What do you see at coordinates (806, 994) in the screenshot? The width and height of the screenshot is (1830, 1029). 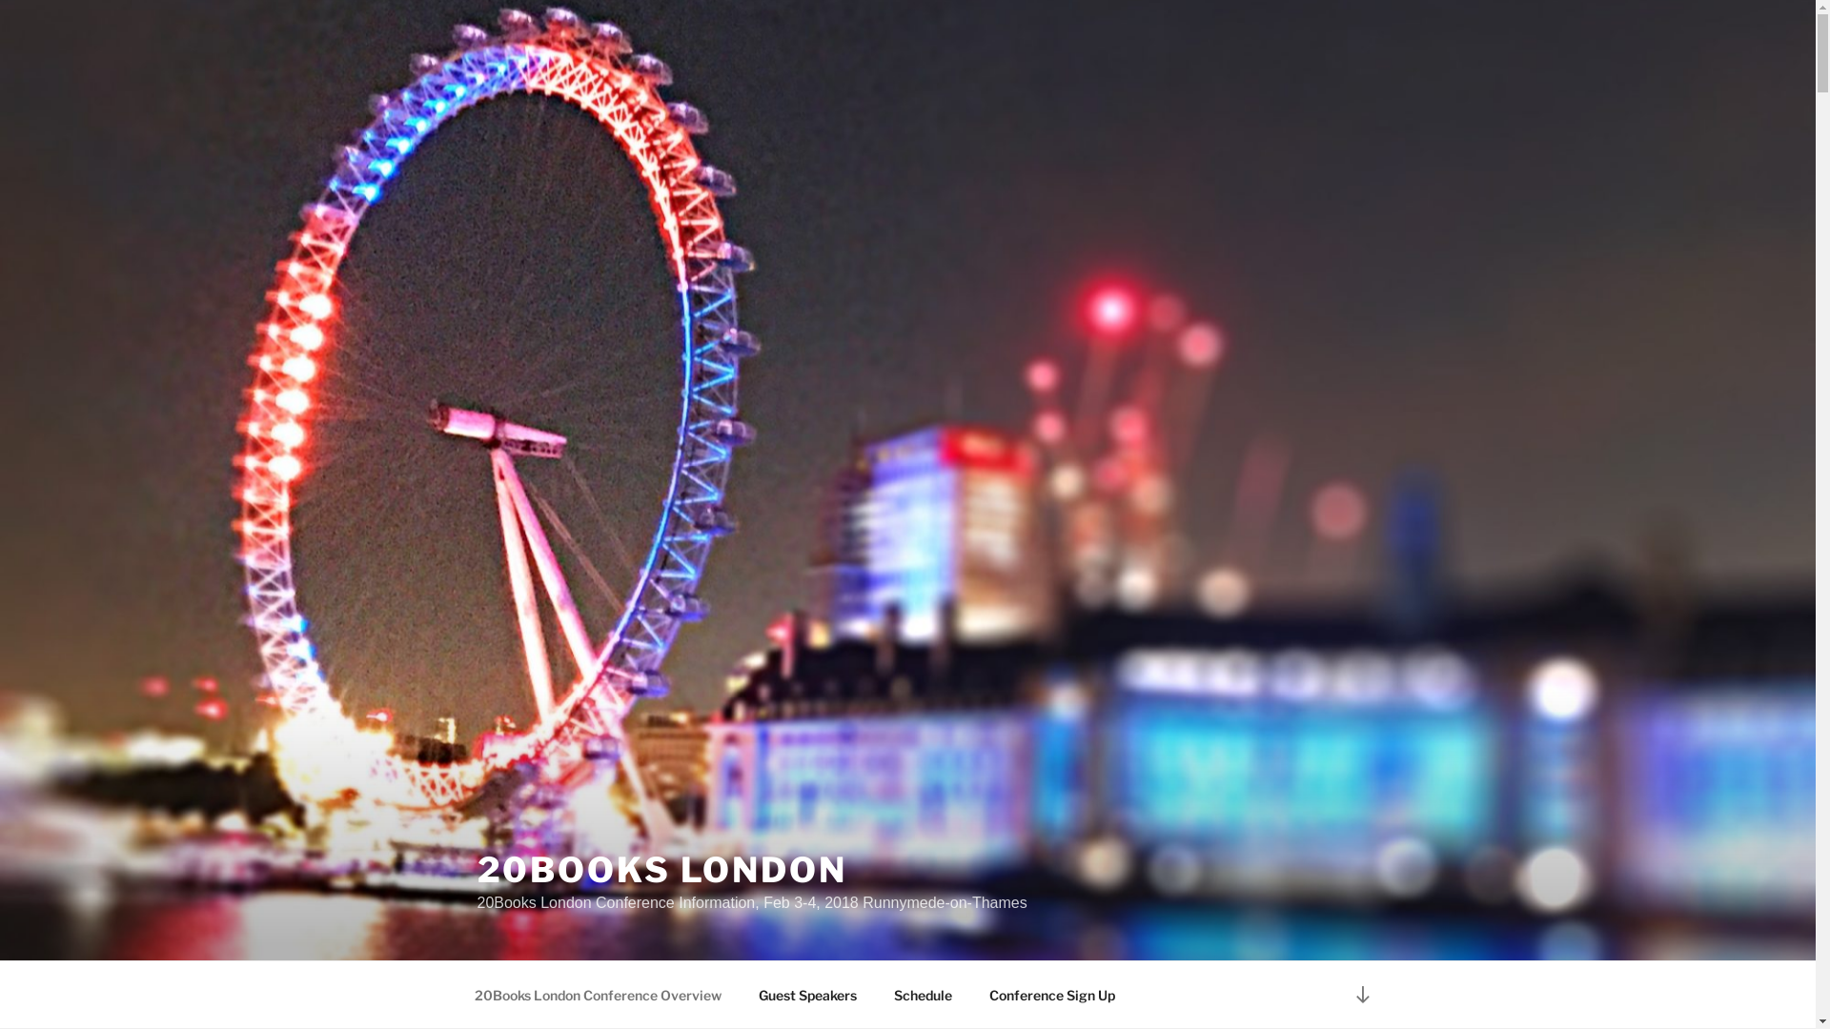 I see `'Guest Speakers'` at bounding box center [806, 994].